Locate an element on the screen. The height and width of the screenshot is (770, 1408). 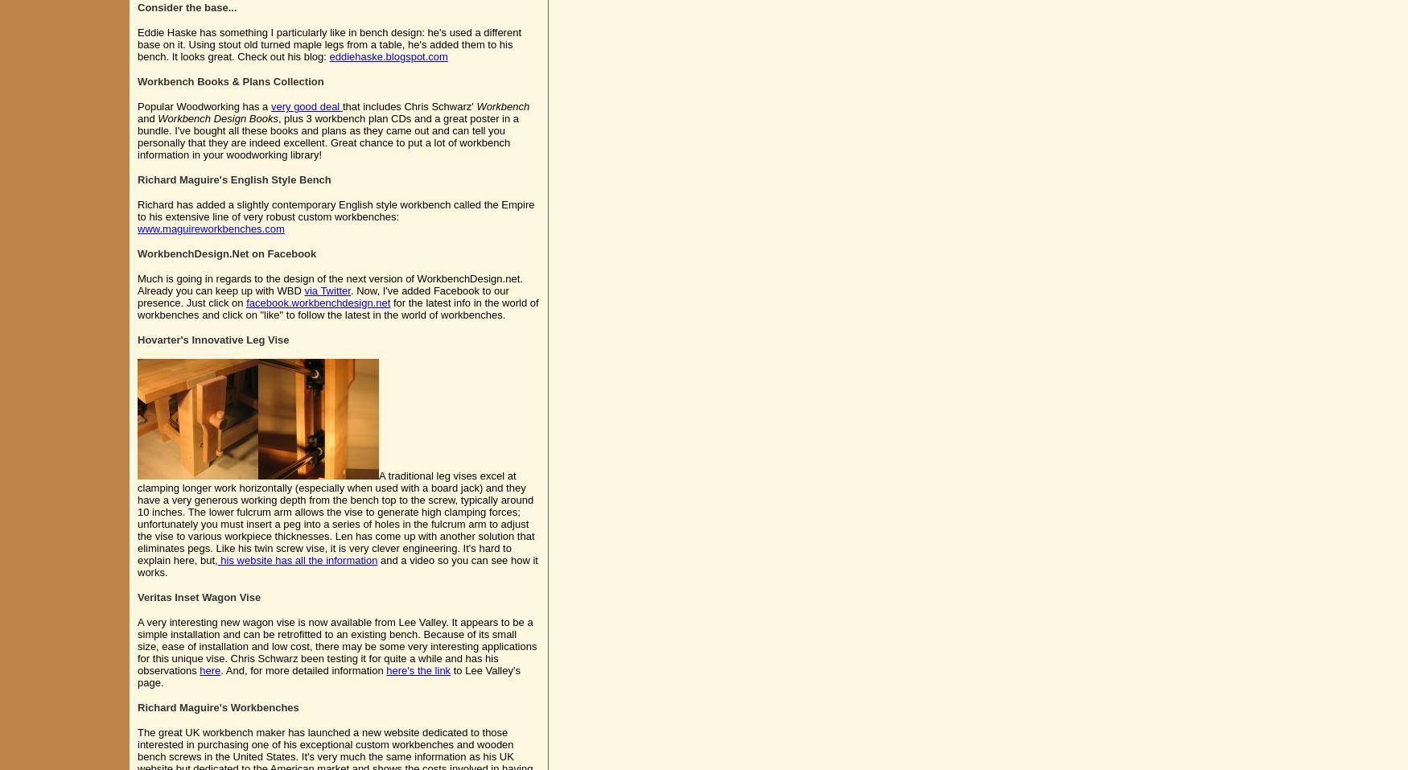
'Consider the base...' is located at coordinates (187, 6).